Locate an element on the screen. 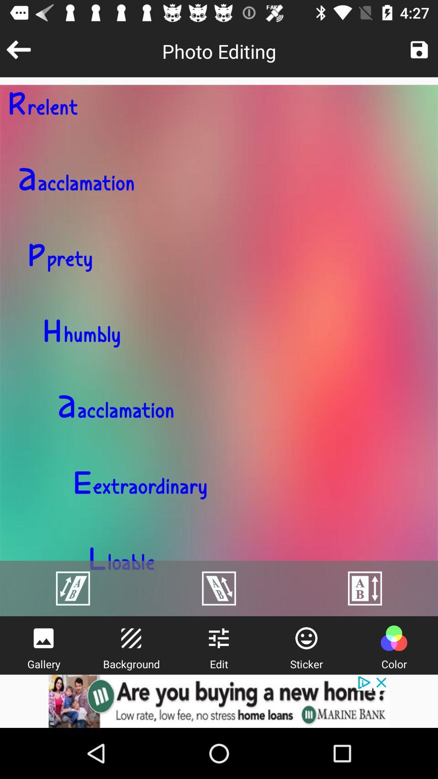 This screenshot has height=779, width=438. the save icon is located at coordinates (419, 49).